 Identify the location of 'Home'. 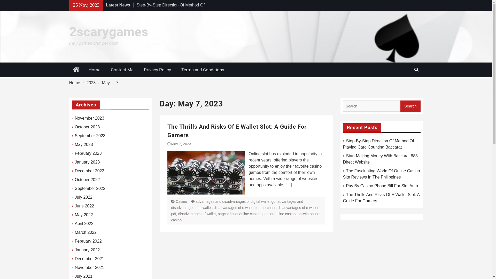
(76, 70).